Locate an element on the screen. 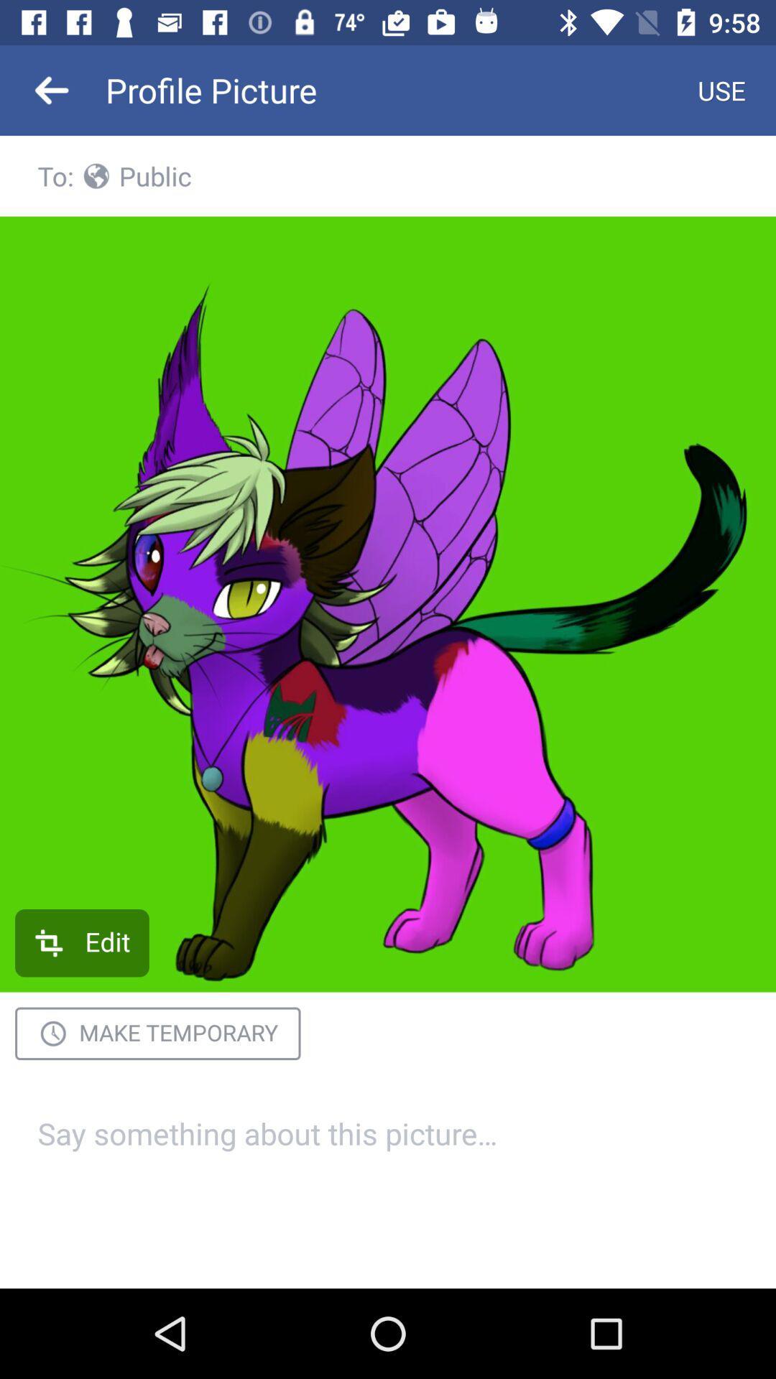  the icon above to: is located at coordinates (52, 89).